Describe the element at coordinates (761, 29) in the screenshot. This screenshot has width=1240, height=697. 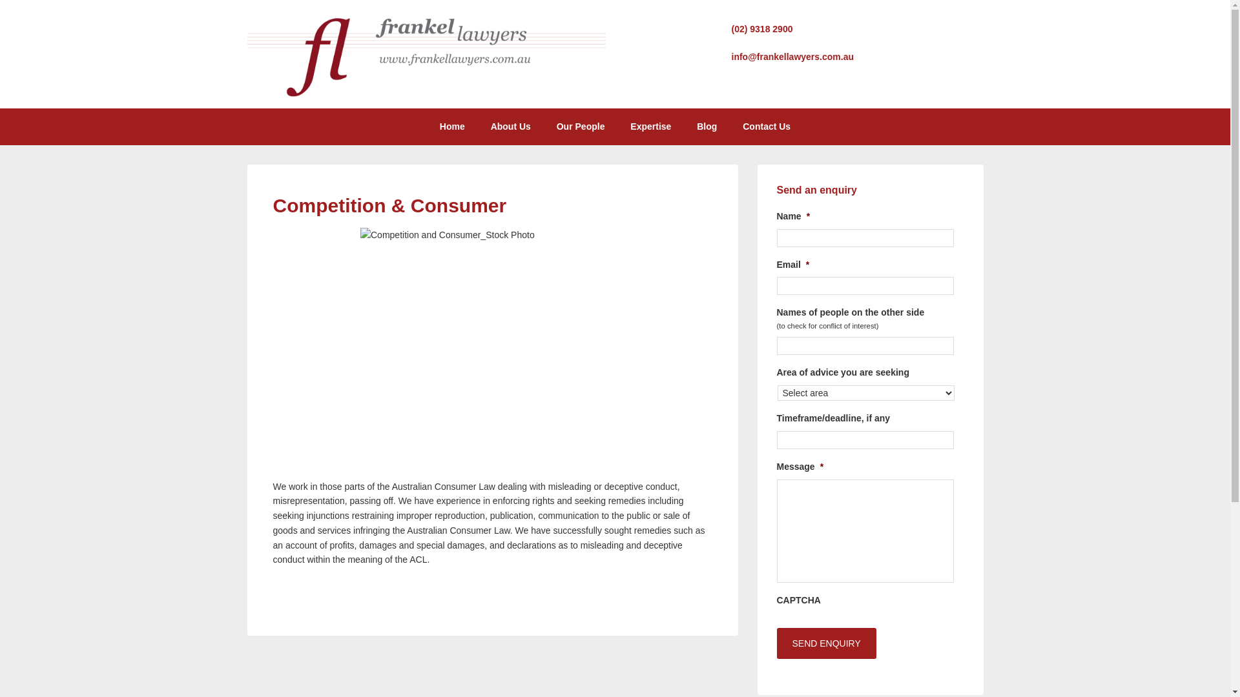
I see `'(02) 9318 2900'` at that location.